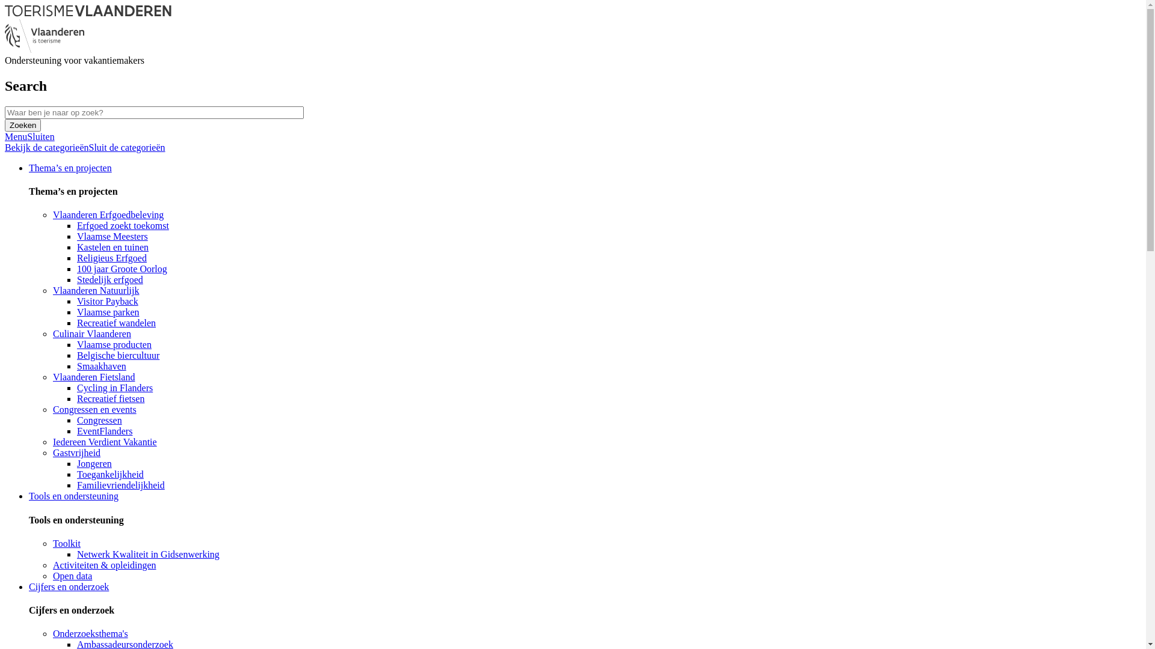 The width and height of the screenshot is (1155, 649). I want to click on 'Onderzoeksthema's', so click(90, 633).